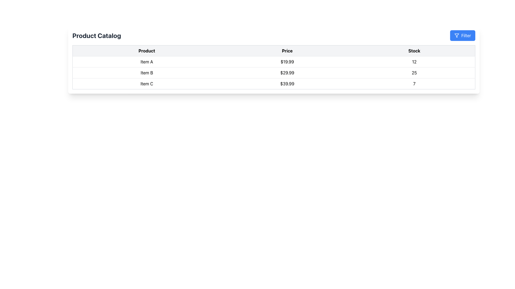 The width and height of the screenshot is (515, 289). Describe the element at coordinates (274, 83) in the screenshot. I see `the details of the product catalog entry for 'Item C', located in the third row of the table` at that location.